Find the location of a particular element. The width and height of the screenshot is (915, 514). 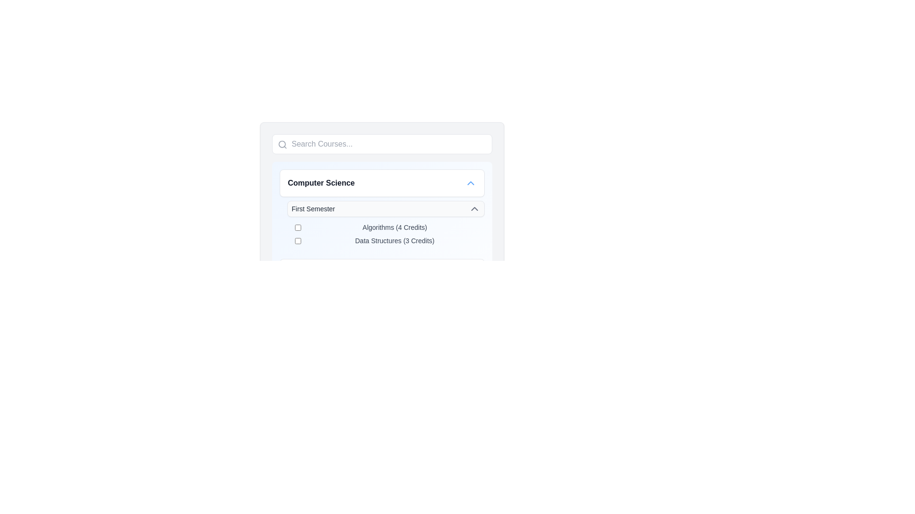

the checkbox for the course 'Algorithms (4 Credits)' located is located at coordinates (297, 227).